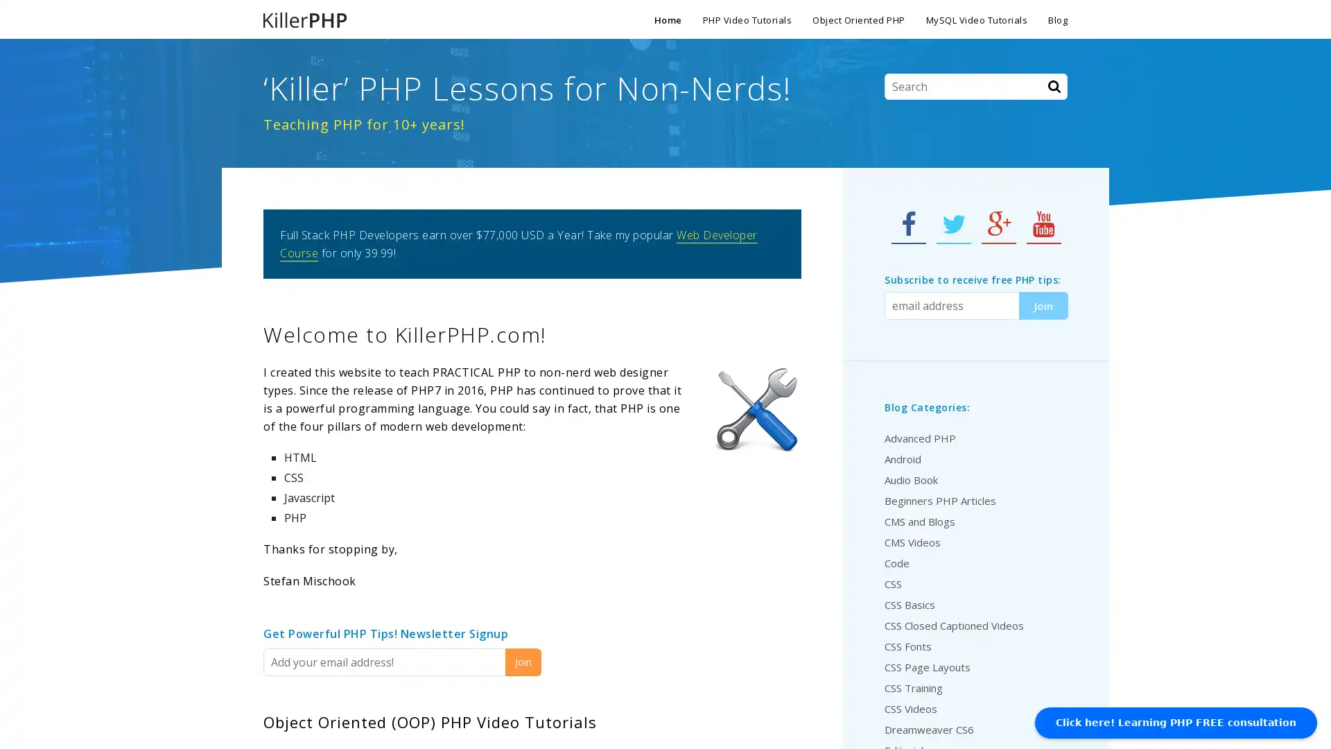 The width and height of the screenshot is (1331, 749). Describe the element at coordinates (1043, 304) in the screenshot. I see `Join` at that location.